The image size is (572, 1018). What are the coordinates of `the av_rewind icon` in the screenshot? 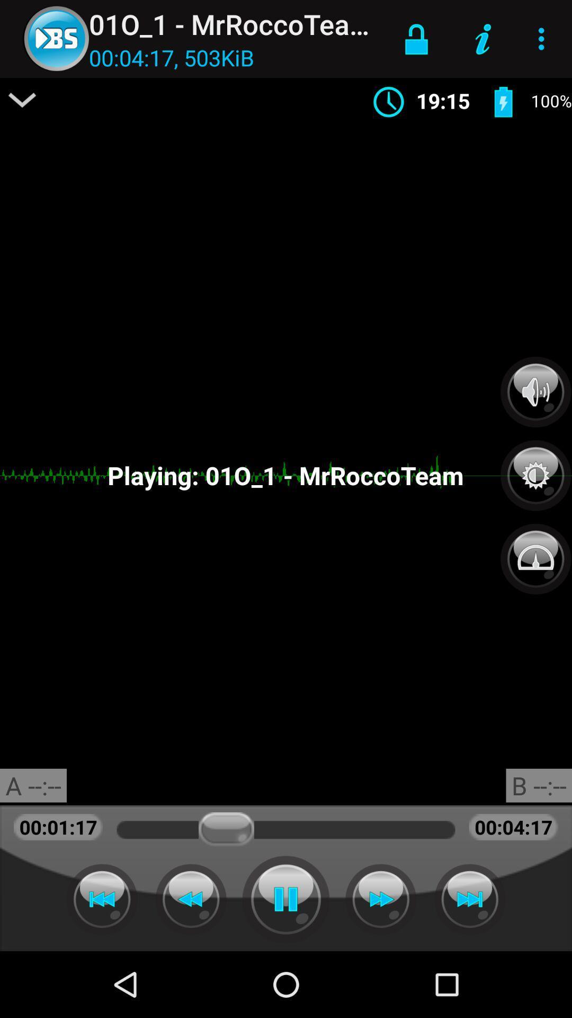 It's located at (191, 899).